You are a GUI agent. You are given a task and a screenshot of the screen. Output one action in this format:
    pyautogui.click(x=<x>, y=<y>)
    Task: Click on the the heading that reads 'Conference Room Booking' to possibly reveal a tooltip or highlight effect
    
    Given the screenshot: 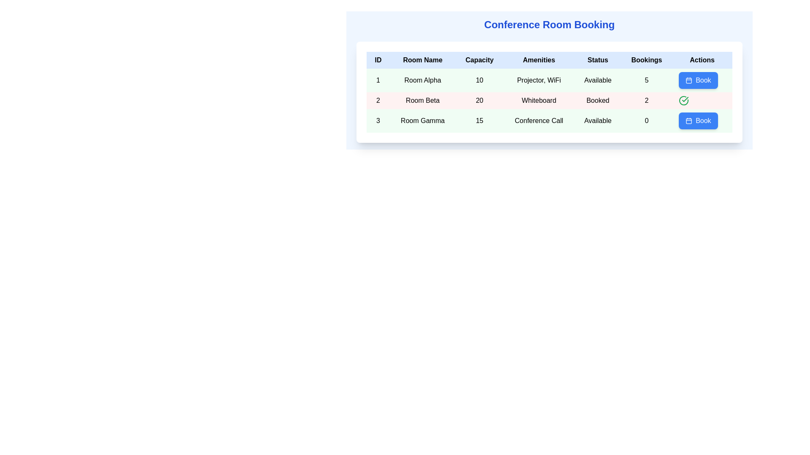 What is the action you would take?
    pyautogui.click(x=549, y=24)
    